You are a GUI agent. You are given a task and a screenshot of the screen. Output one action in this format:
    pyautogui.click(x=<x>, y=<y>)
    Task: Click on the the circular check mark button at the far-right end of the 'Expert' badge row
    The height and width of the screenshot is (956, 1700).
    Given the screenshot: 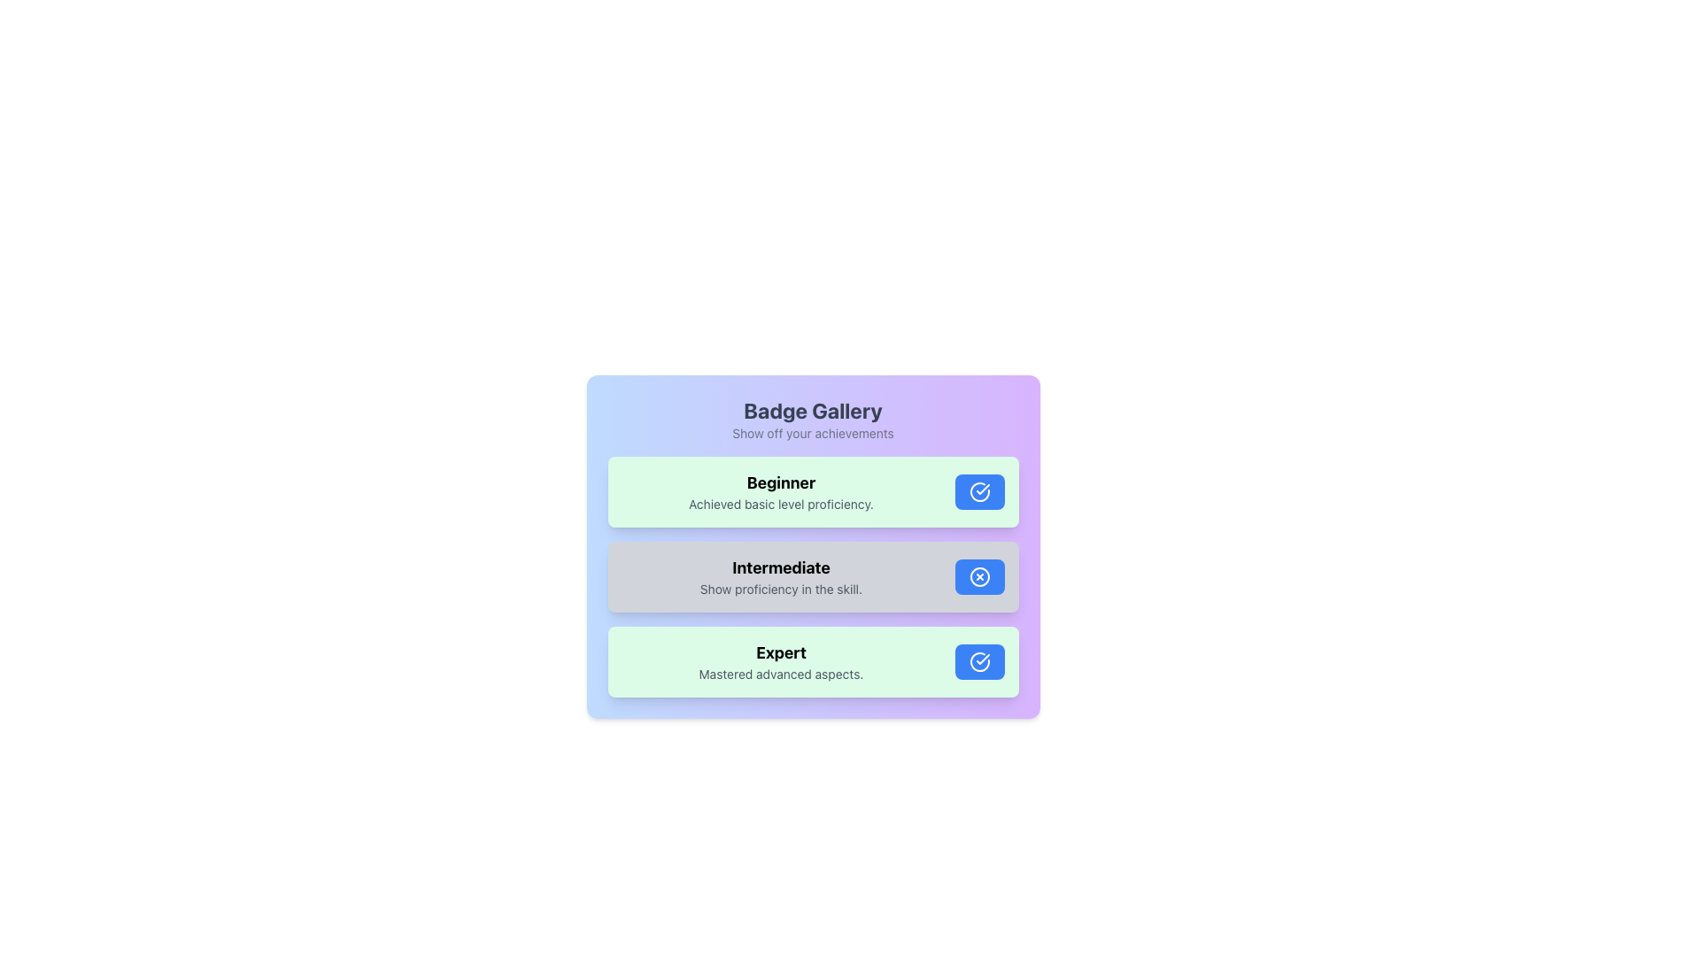 What is the action you would take?
    pyautogui.click(x=978, y=662)
    